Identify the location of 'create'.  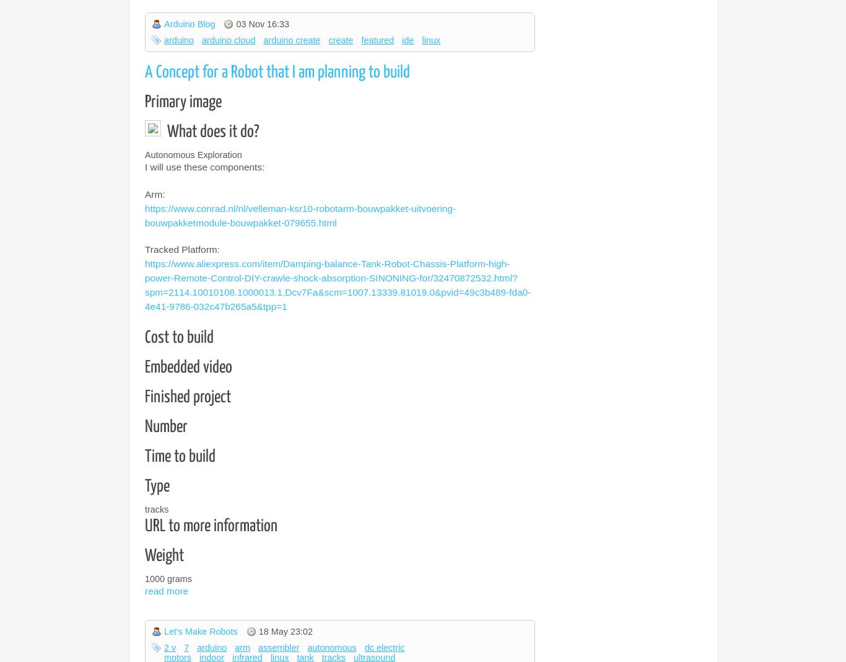
(340, 38).